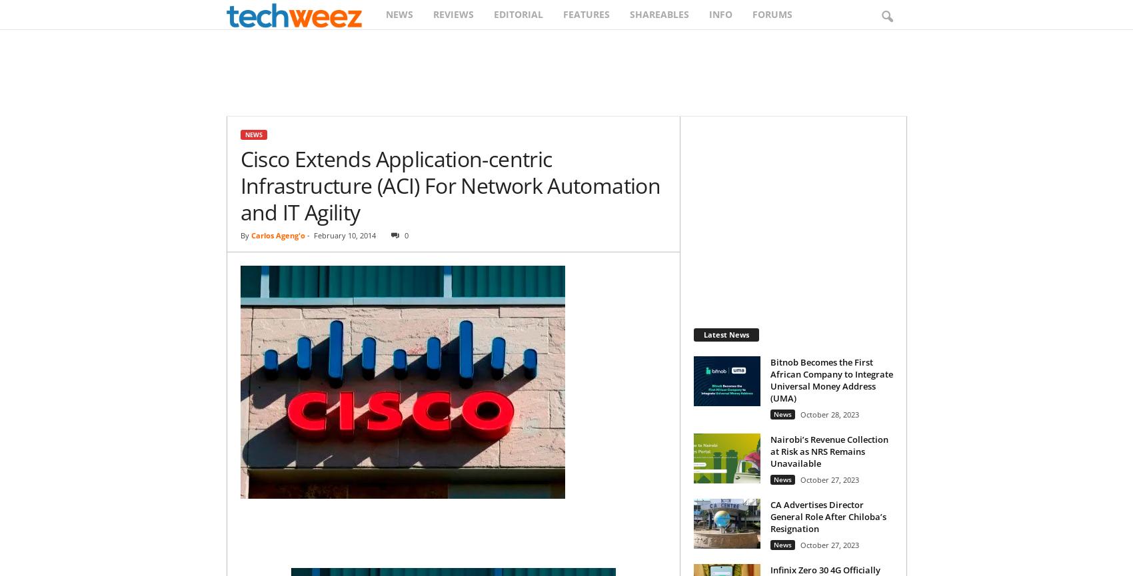 Image resolution: width=1133 pixels, height=576 pixels. I want to click on '-', so click(307, 235).